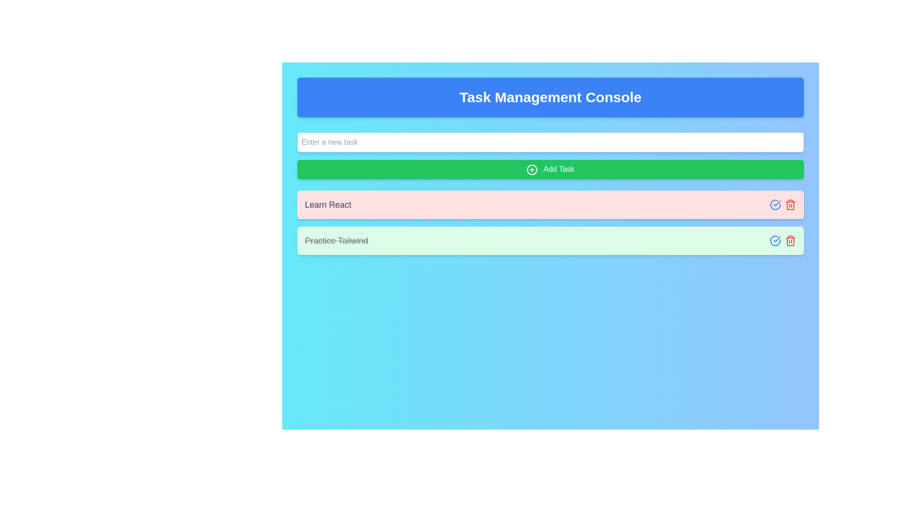 This screenshot has height=511, width=909. Describe the element at coordinates (775, 204) in the screenshot. I see `the blue circular check icon located in the second list item labeled 'Learn React'` at that location.